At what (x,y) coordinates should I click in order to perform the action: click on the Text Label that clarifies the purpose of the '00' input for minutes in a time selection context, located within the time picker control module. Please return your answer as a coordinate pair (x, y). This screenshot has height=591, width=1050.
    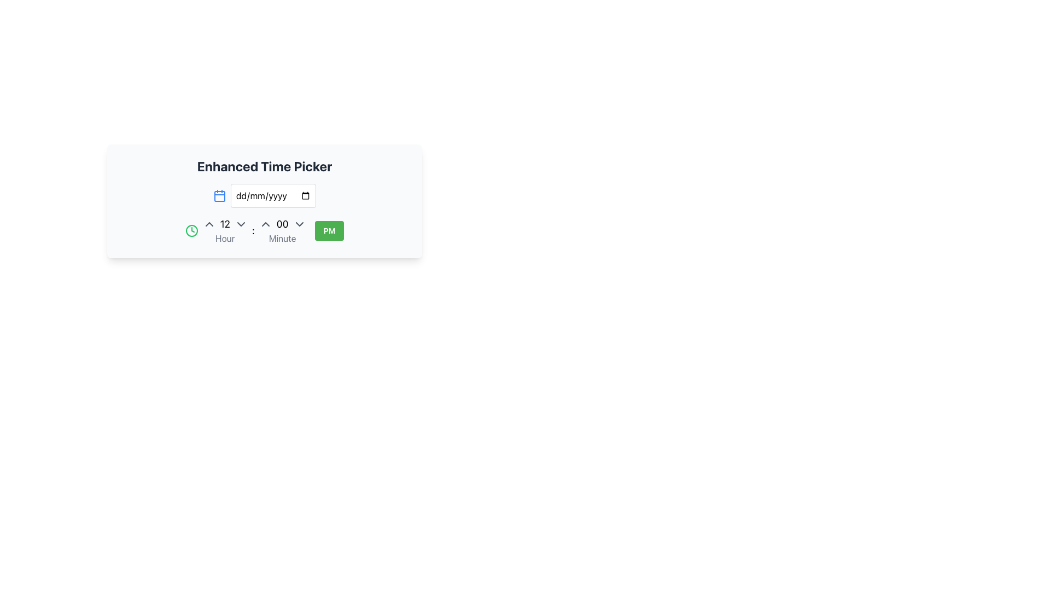
    Looking at the image, I should click on (282, 237).